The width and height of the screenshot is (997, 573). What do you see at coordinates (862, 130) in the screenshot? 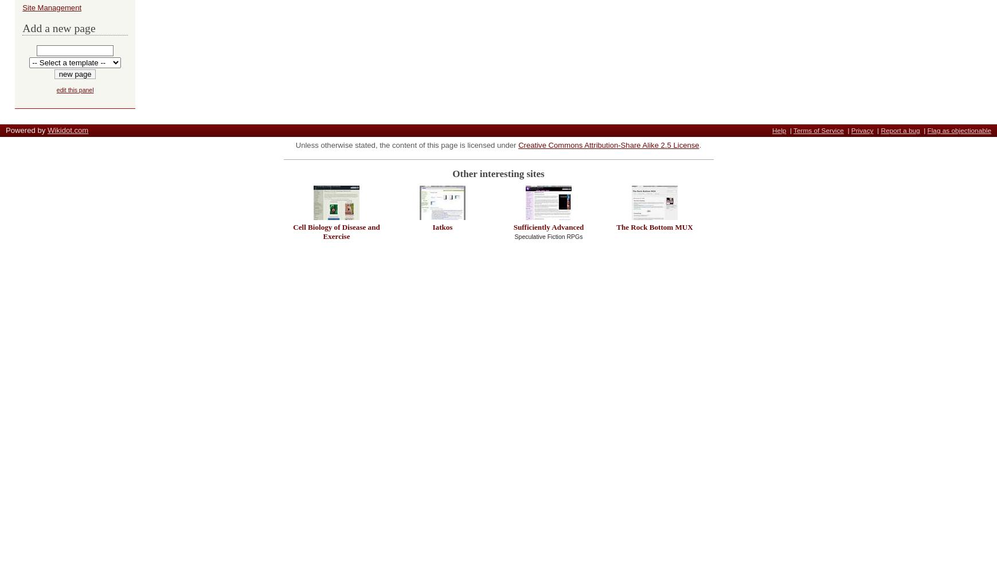
I see `'Privacy'` at bounding box center [862, 130].